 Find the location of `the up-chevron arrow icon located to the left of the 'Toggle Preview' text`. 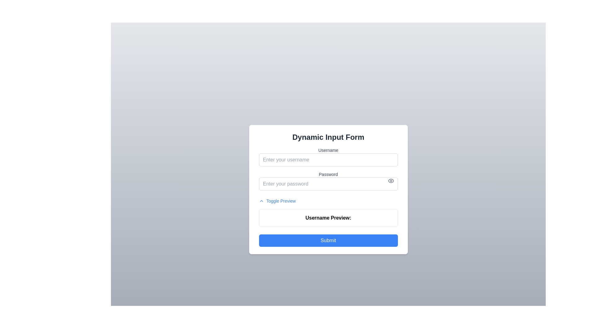

the up-chevron arrow icon located to the left of the 'Toggle Preview' text is located at coordinates (261, 201).